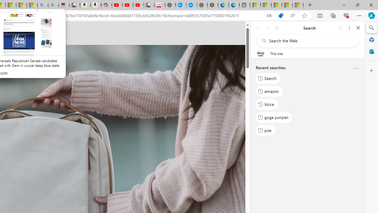 Image resolution: width=378 pixels, height=213 pixels. What do you see at coordinates (266, 5) in the screenshot?
I see `'Microsoft account | Privacy'` at bounding box center [266, 5].